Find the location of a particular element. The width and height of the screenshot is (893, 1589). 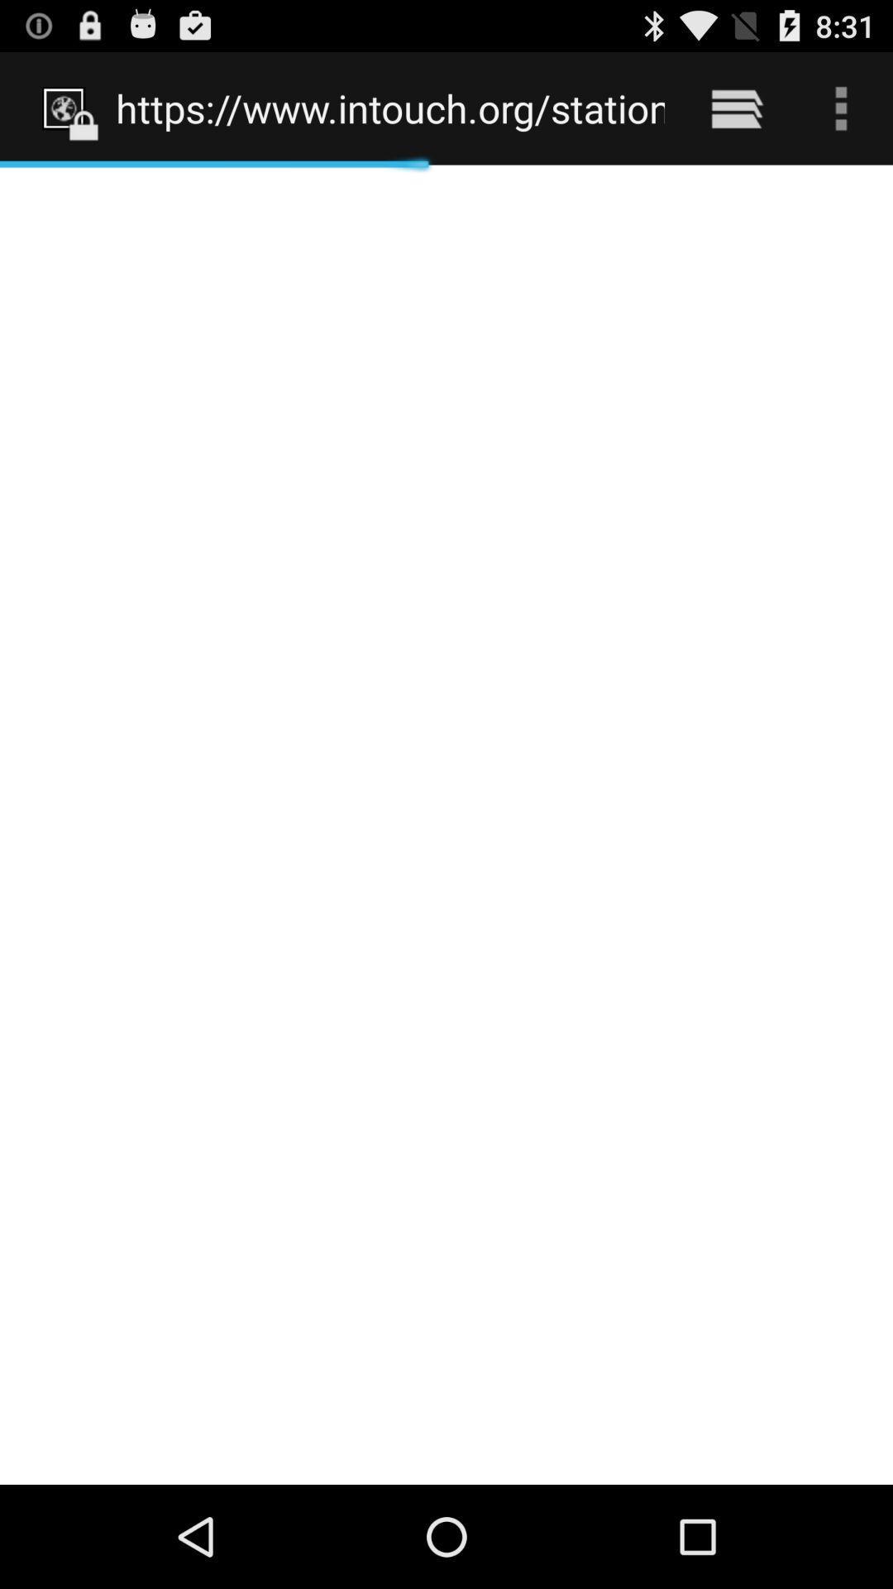

the https www intouch is located at coordinates (390, 108).